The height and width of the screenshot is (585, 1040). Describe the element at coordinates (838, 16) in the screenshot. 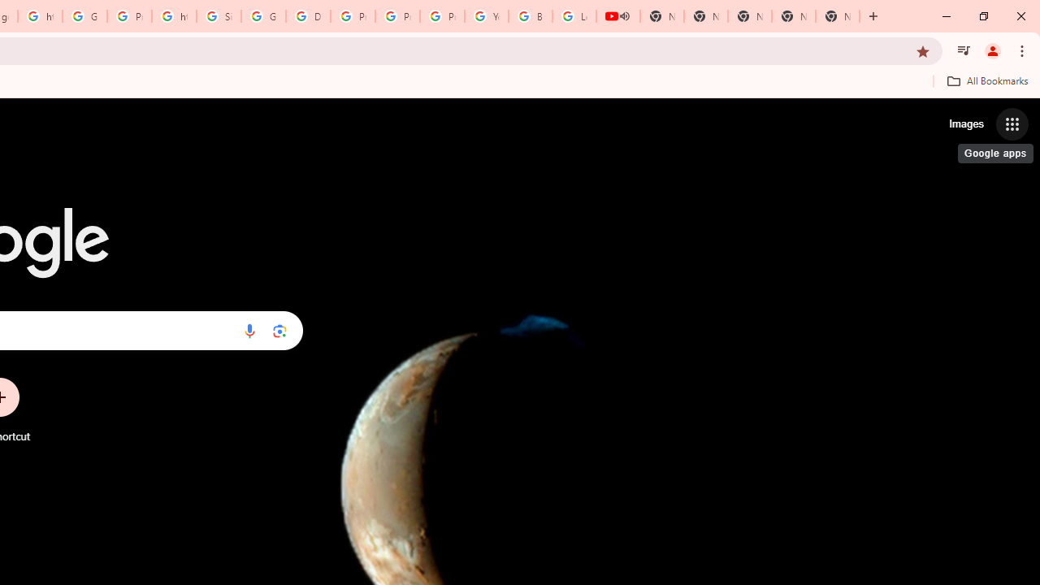

I see `'New Tab'` at that location.